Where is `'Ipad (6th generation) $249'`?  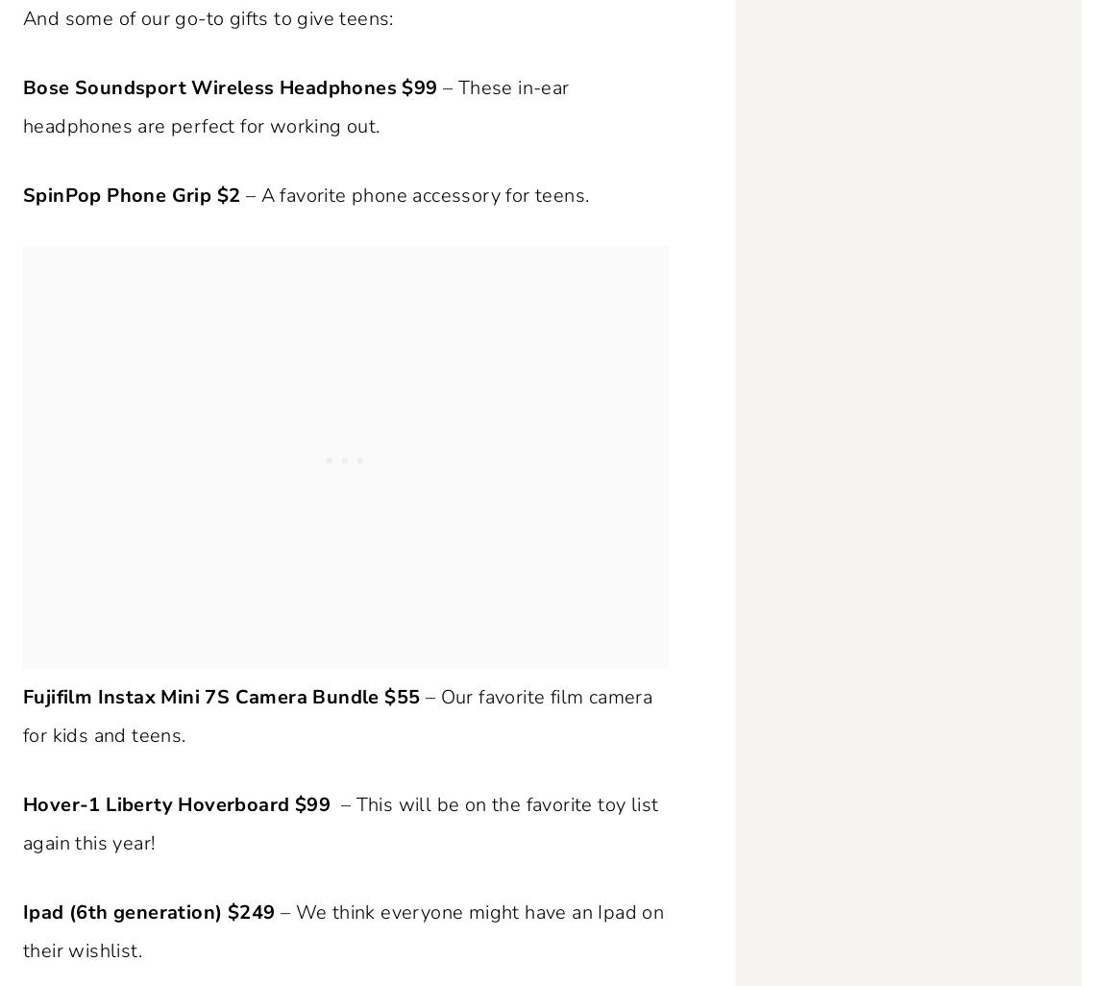 'Ipad (6th generation) $249' is located at coordinates (148, 912).